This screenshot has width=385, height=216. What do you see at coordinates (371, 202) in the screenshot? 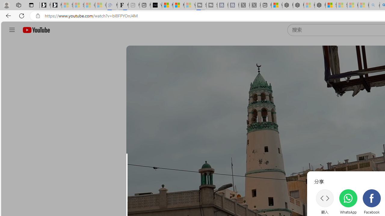
I see `'Facebook'` at bounding box center [371, 202].